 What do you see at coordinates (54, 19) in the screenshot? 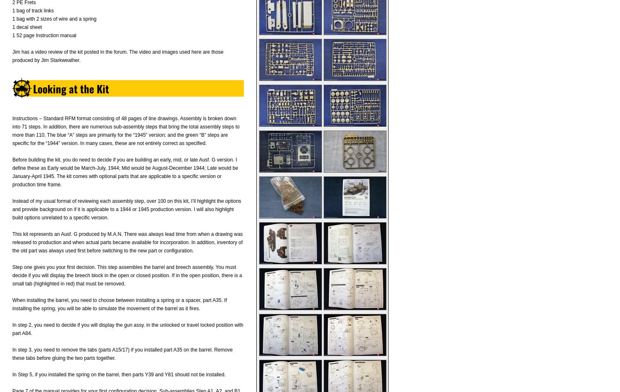
I see `'1 bag with 2 sizes of wire and a spring'` at bounding box center [54, 19].